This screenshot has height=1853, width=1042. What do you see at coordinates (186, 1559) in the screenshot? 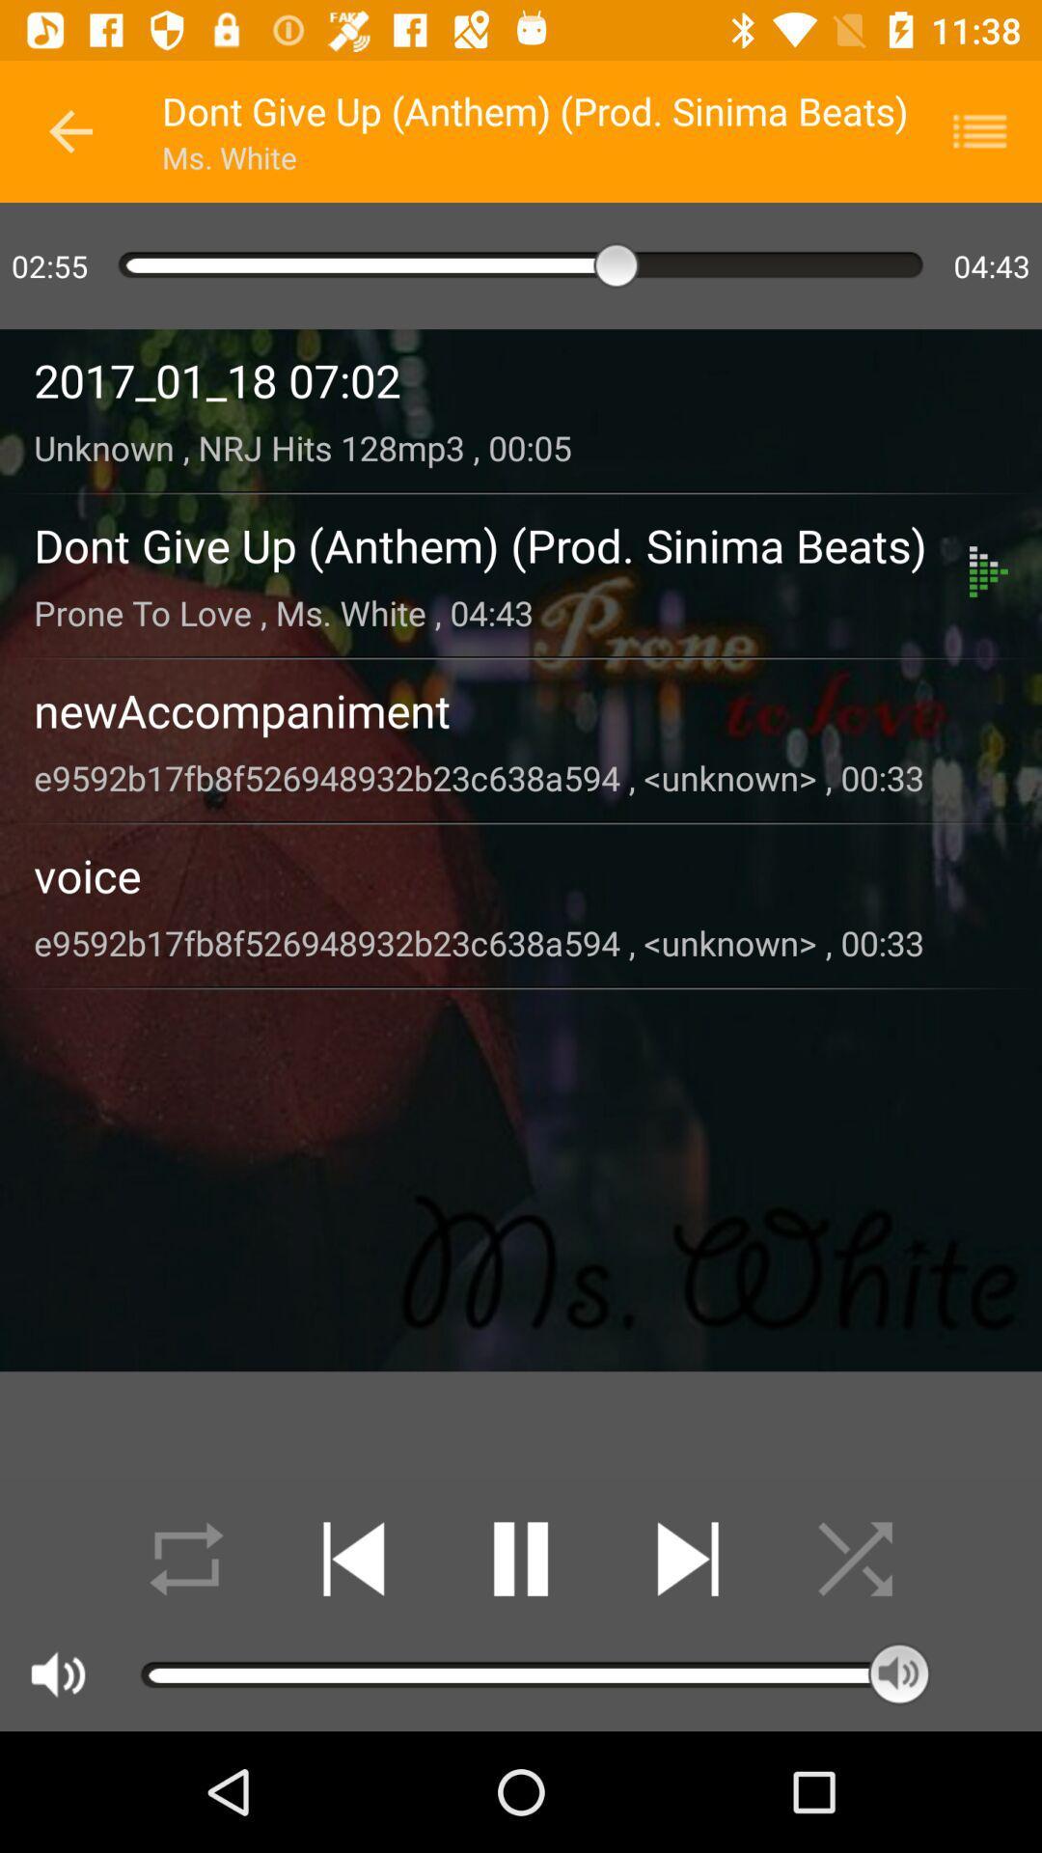
I see `shuffle` at bounding box center [186, 1559].